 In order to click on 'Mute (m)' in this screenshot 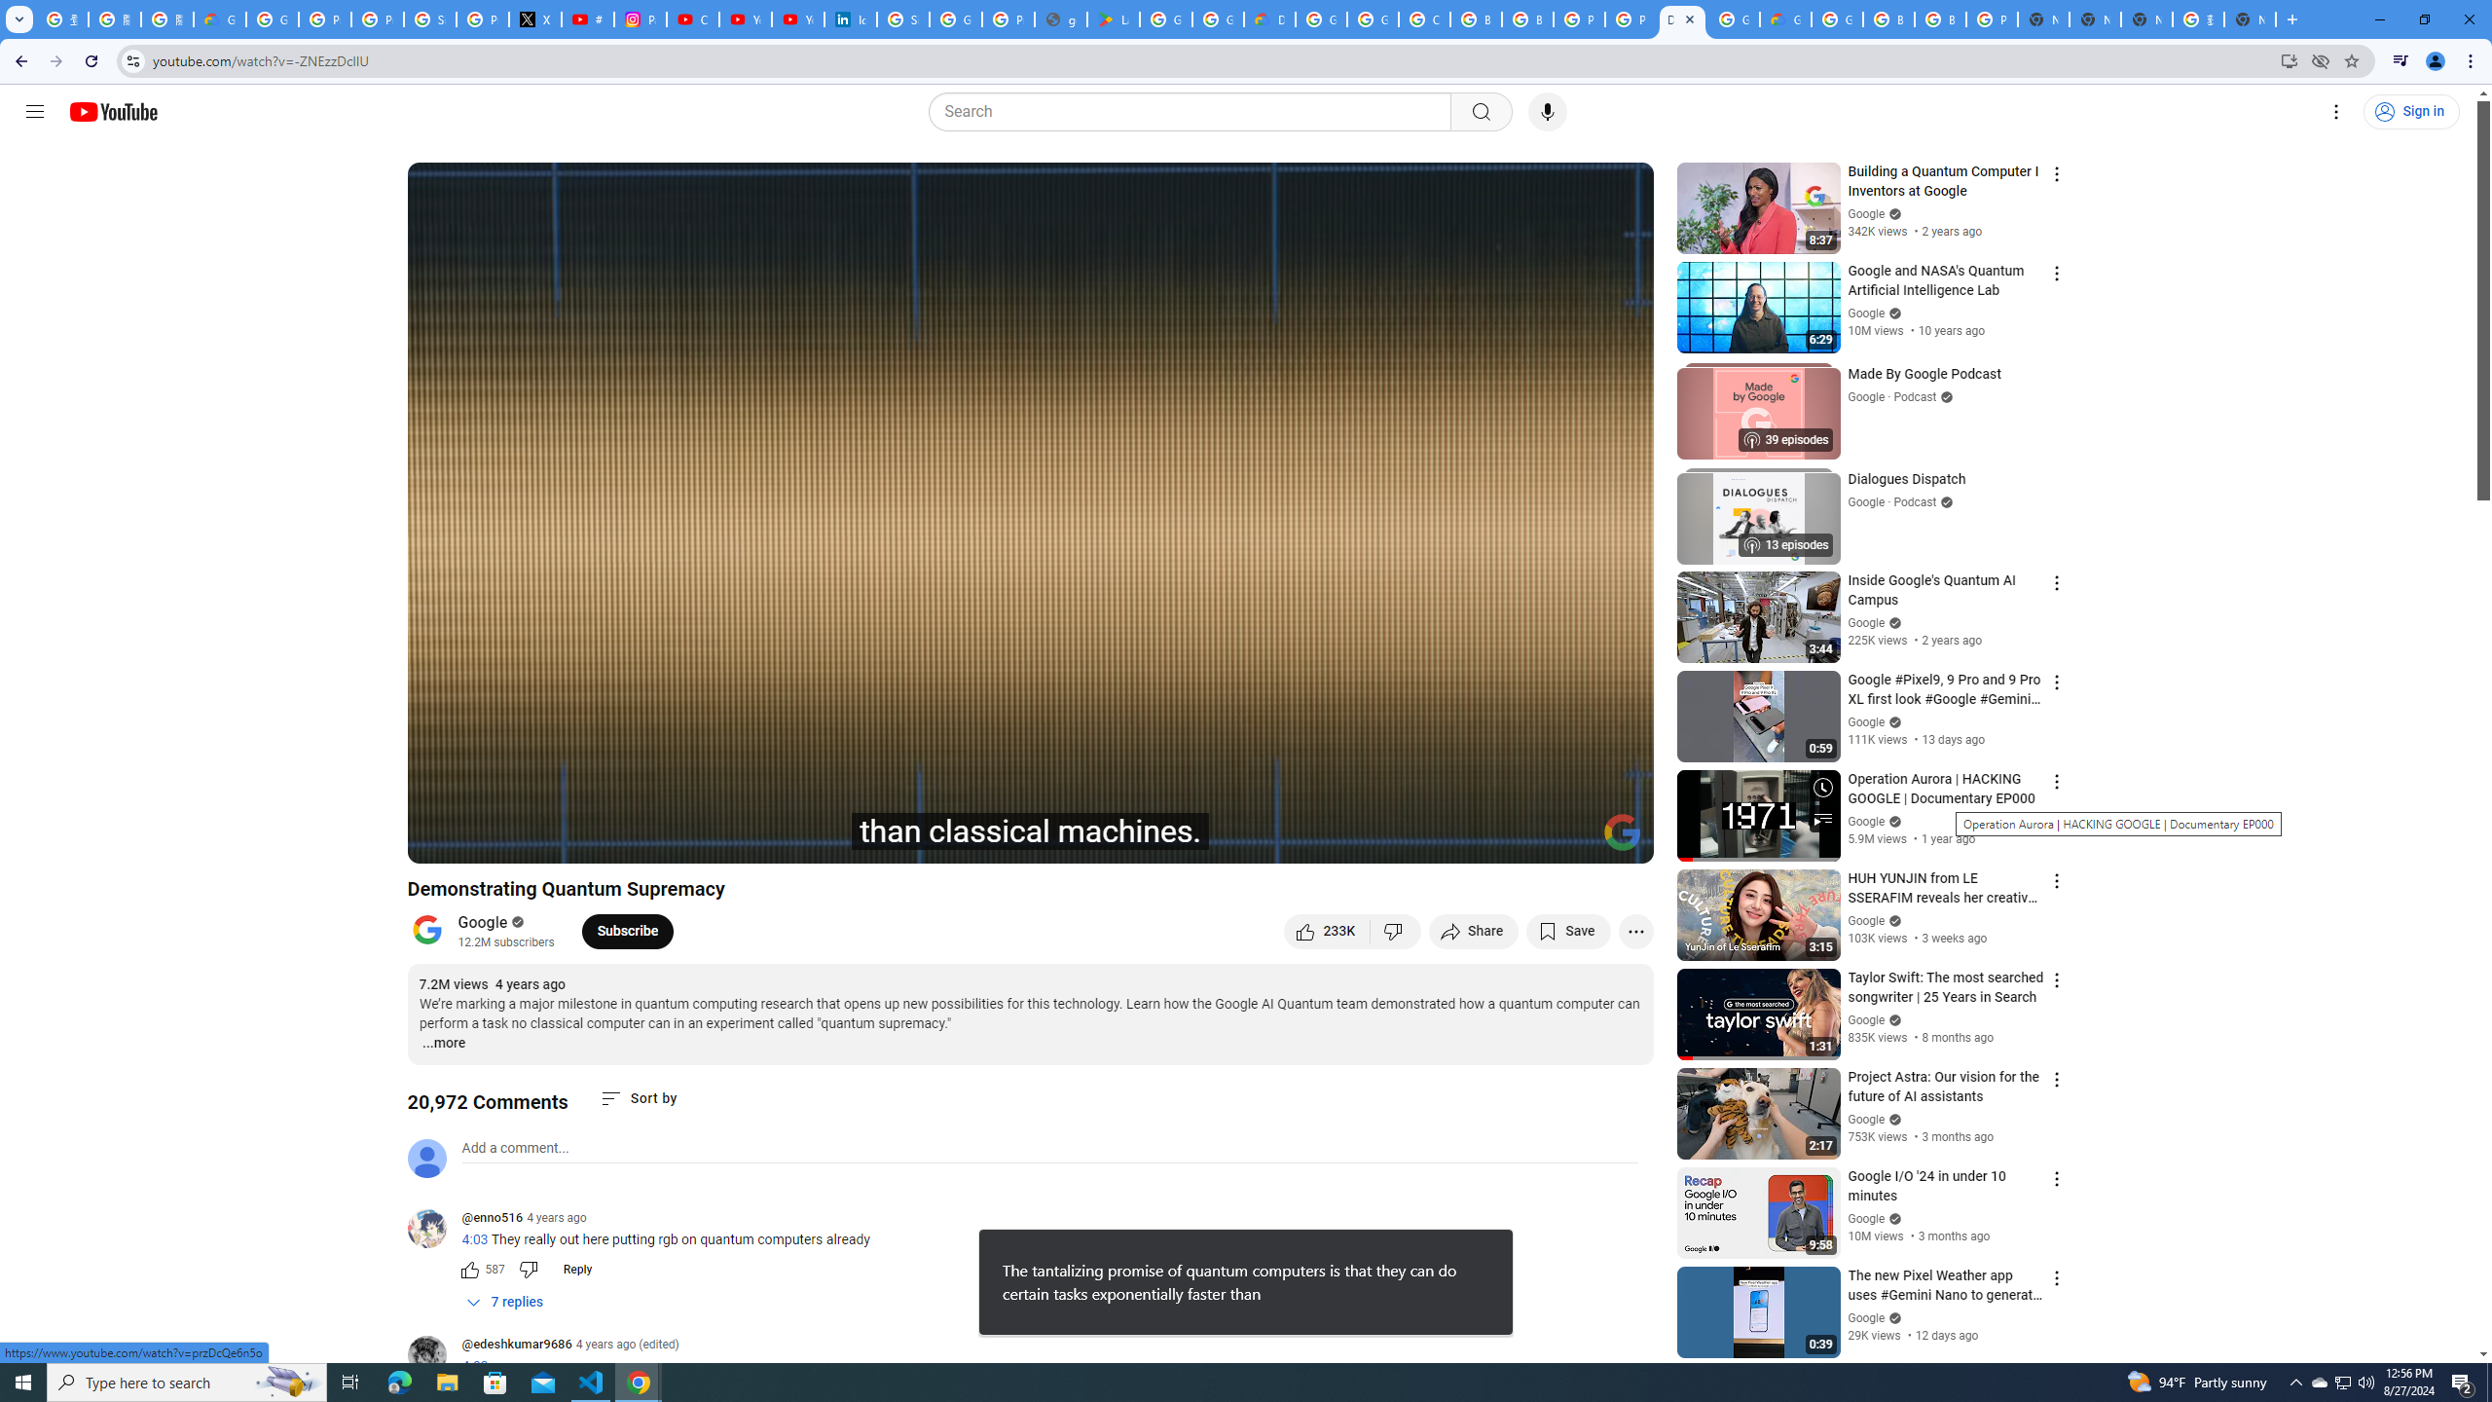, I will do `click(534, 839)`.